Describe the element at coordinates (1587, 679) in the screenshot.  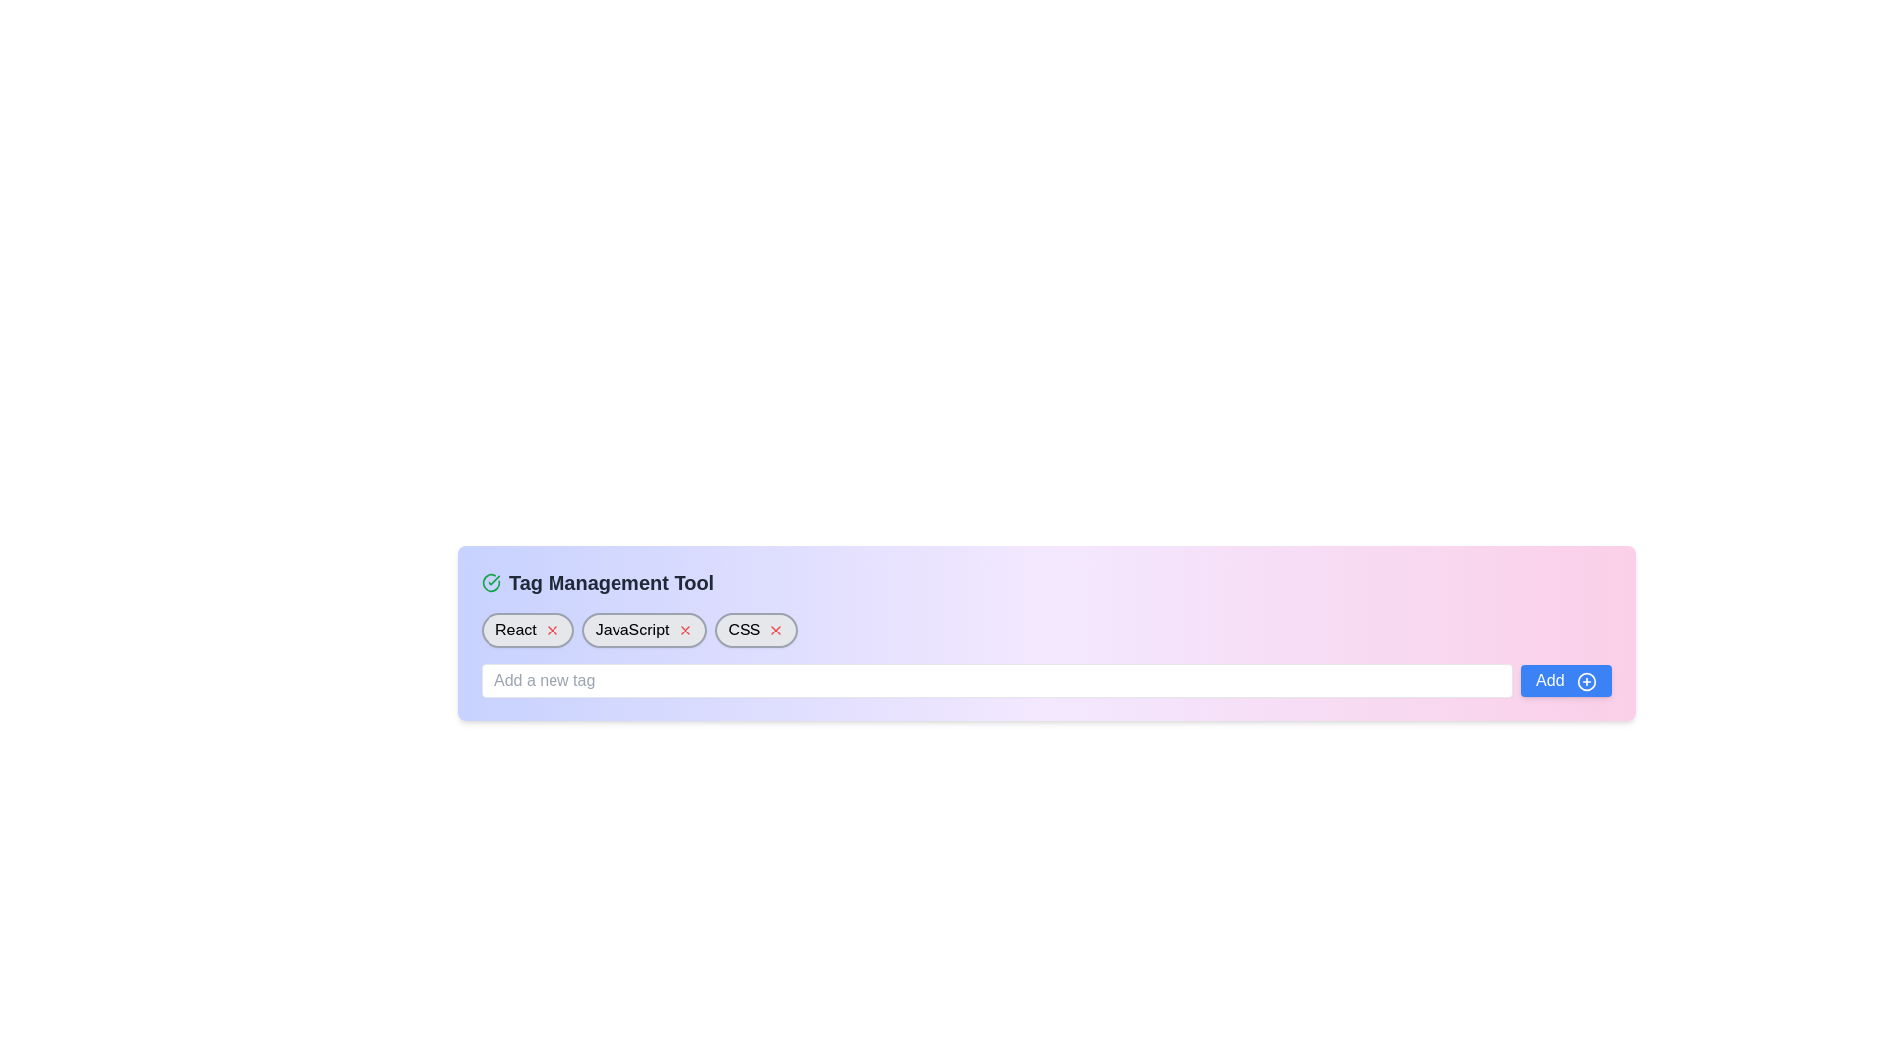
I see `the decorative or interactive indicator icon located on the far right of the toolbar, adjacent to the 'Add' button` at that location.